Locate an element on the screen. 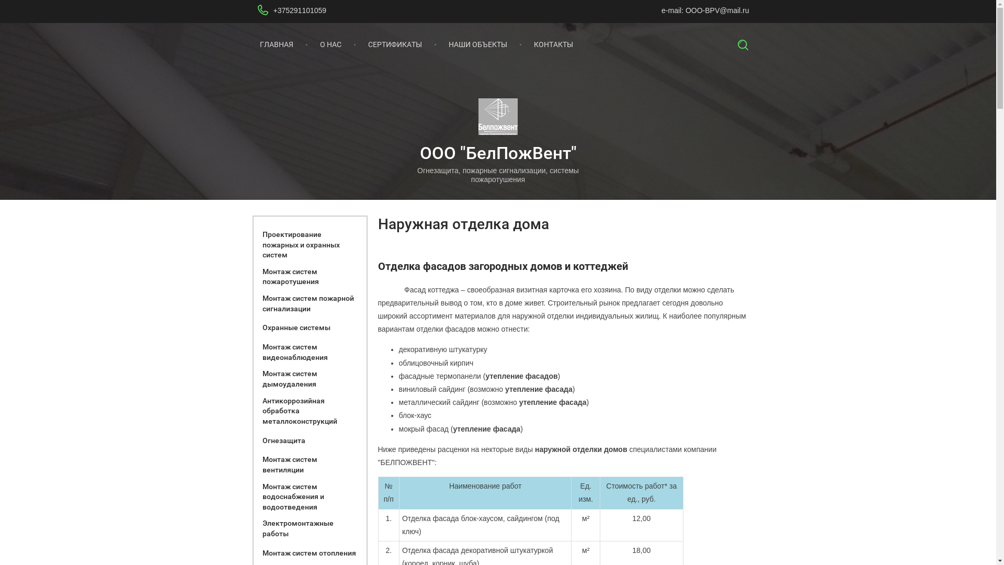 The image size is (1004, 565). '+375291101059' is located at coordinates (299, 10).